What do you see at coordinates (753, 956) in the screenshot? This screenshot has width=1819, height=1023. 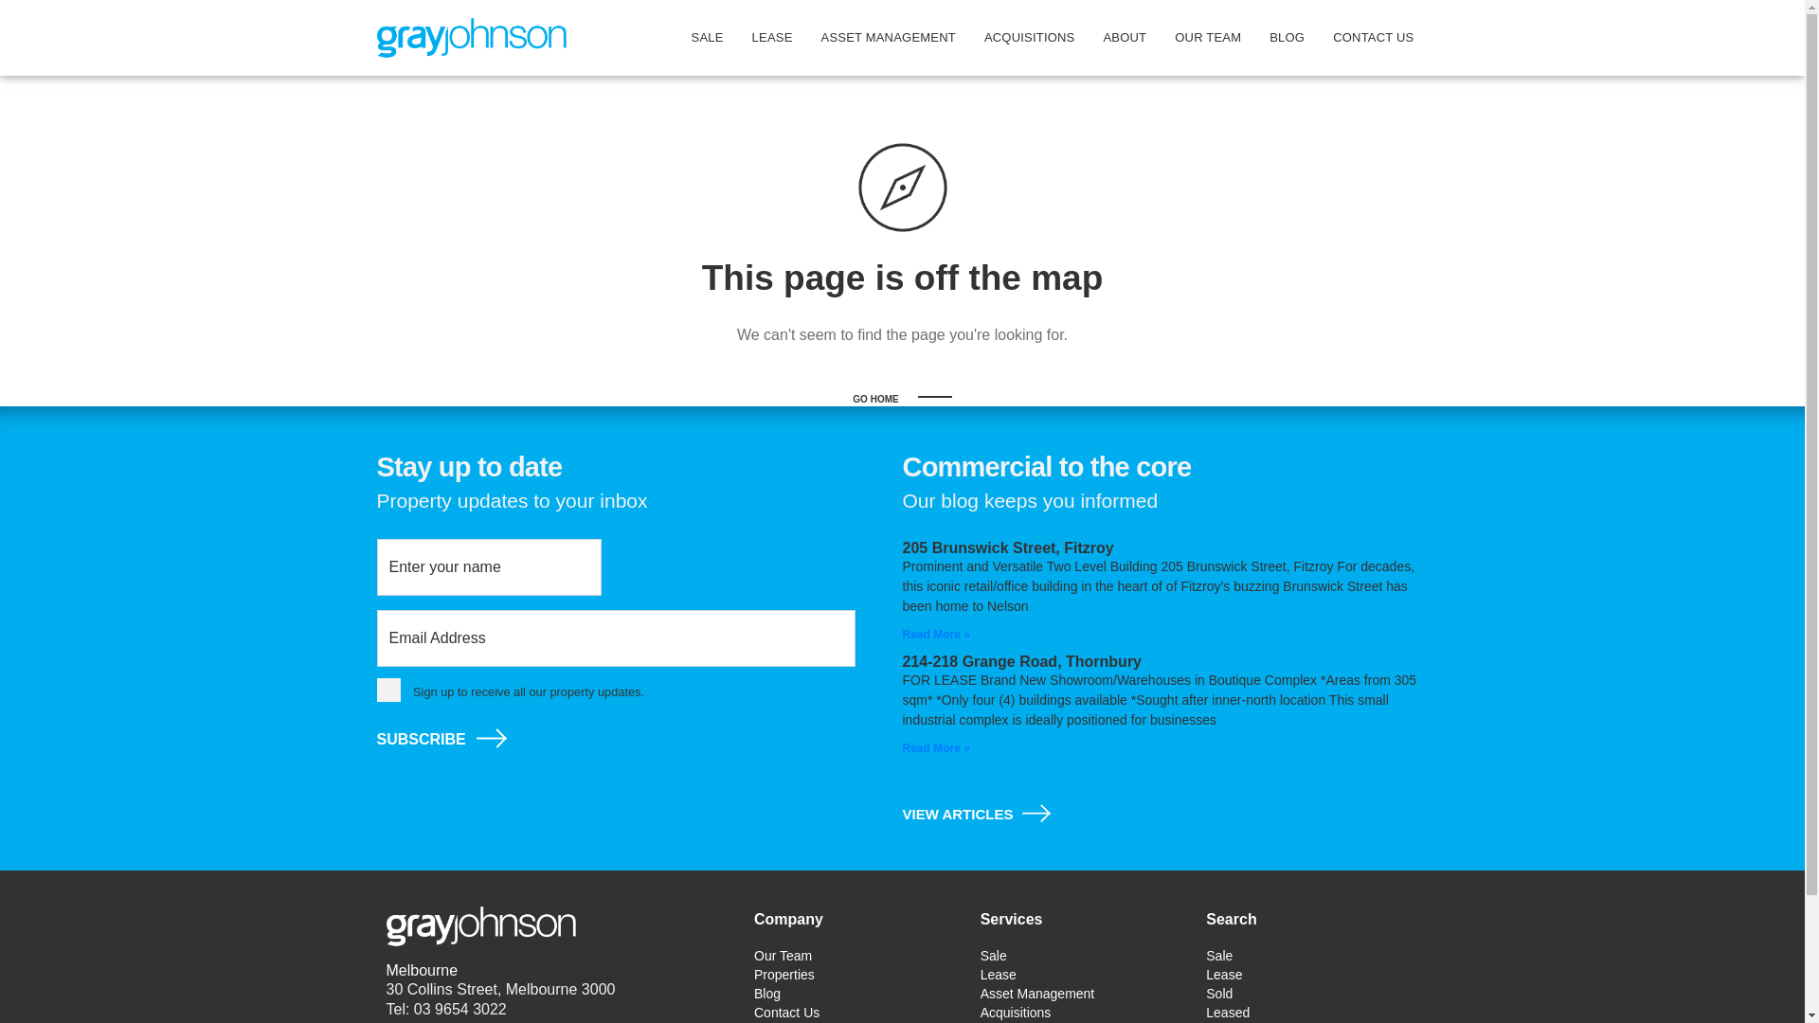 I see `'Our Team'` at bounding box center [753, 956].